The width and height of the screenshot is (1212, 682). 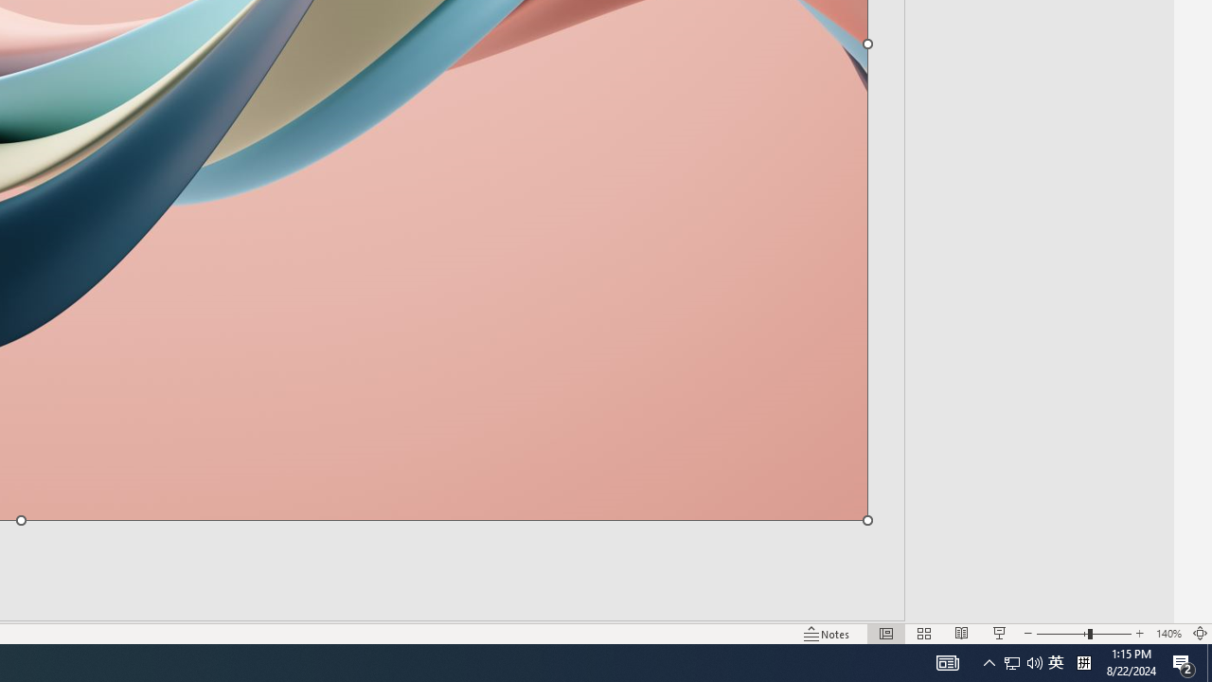 What do you see at coordinates (1199, 634) in the screenshot?
I see `'Zoom to Fit '` at bounding box center [1199, 634].